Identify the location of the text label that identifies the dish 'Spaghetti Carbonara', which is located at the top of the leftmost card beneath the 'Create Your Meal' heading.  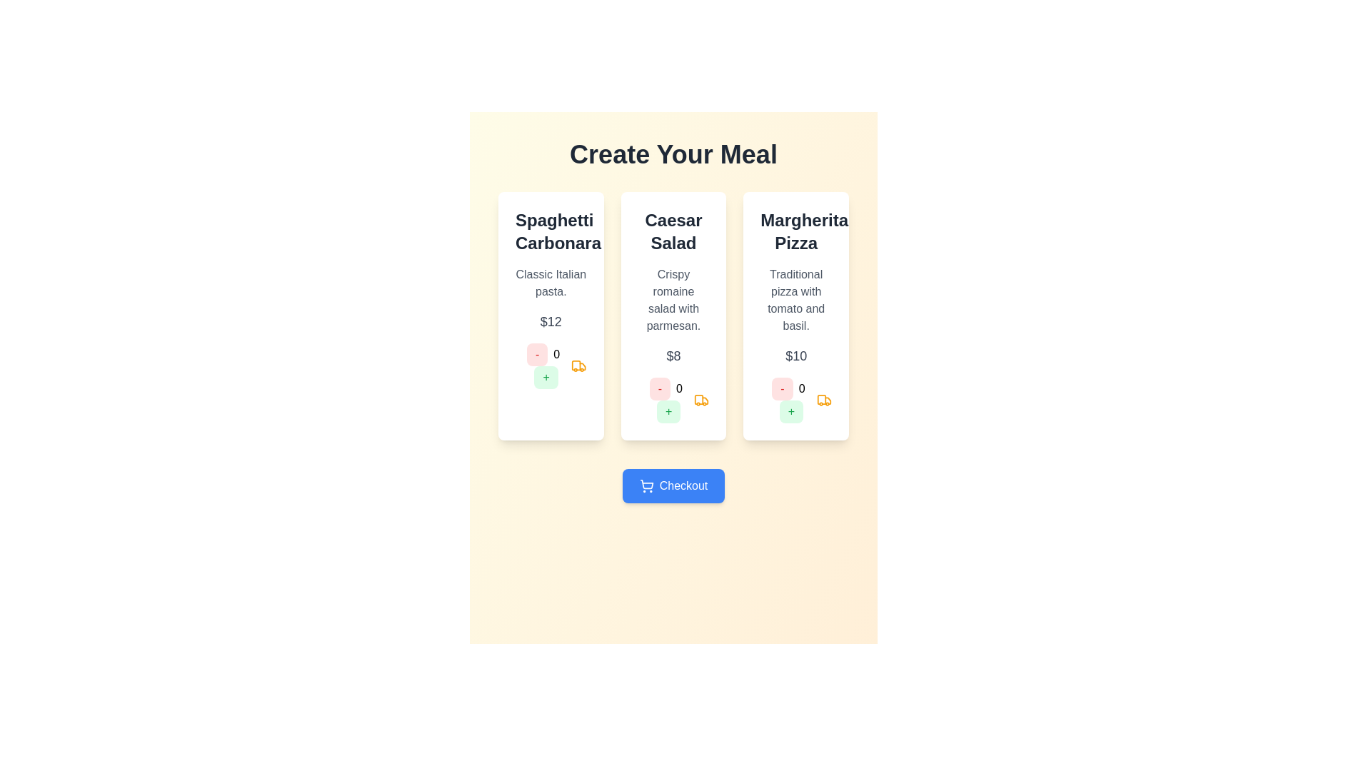
(550, 231).